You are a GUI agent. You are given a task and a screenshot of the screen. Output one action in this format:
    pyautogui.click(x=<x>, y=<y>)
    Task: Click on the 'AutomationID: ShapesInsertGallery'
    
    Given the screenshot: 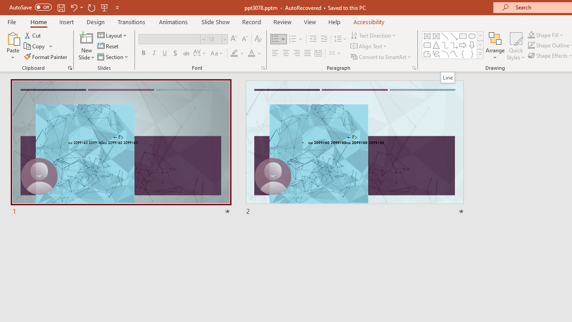 What is the action you would take?
    pyautogui.click(x=453, y=45)
    